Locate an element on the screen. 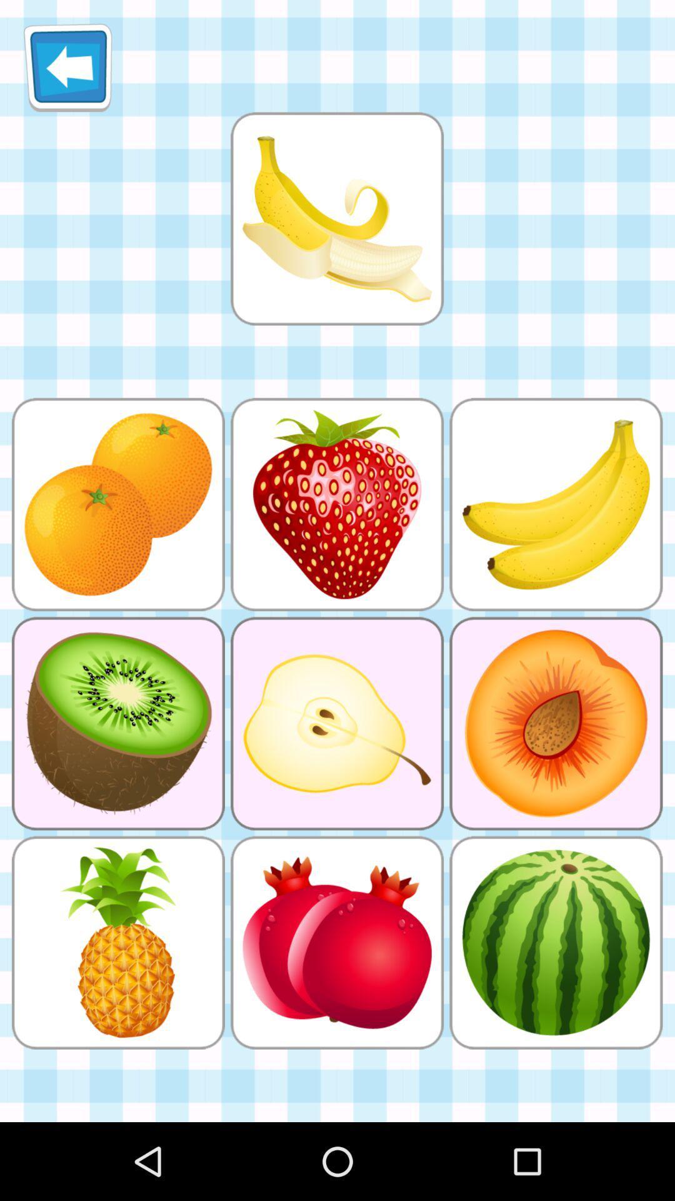 The width and height of the screenshot is (675, 1201). match with the picture below is located at coordinates (336, 218).